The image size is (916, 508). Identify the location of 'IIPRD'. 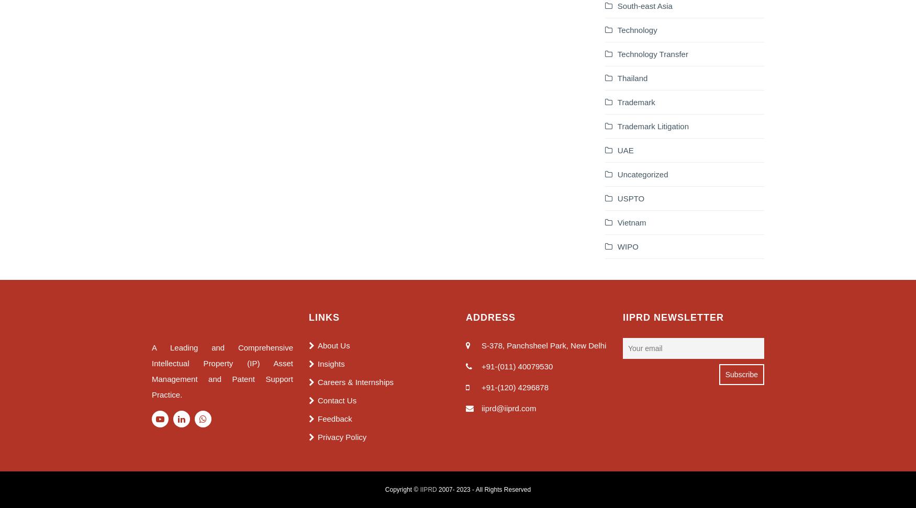
(428, 488).